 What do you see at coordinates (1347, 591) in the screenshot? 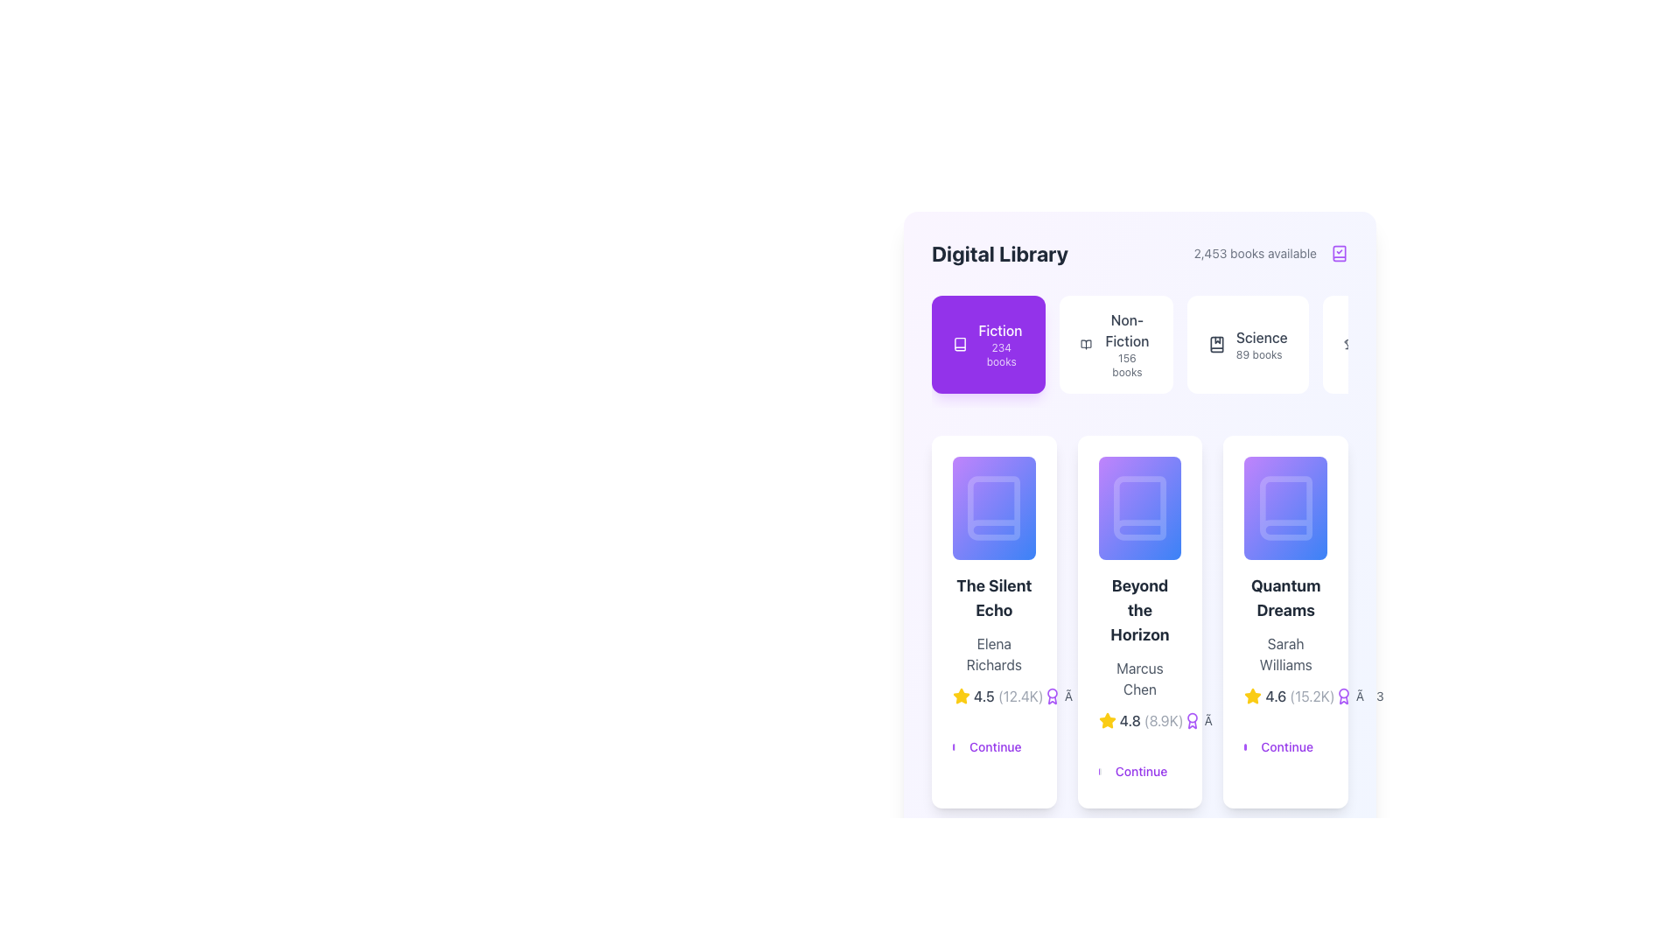
I see `the button located at the bottom-right corner of the 'Quantum Dreams' card` at bounding box center [1347, 591].